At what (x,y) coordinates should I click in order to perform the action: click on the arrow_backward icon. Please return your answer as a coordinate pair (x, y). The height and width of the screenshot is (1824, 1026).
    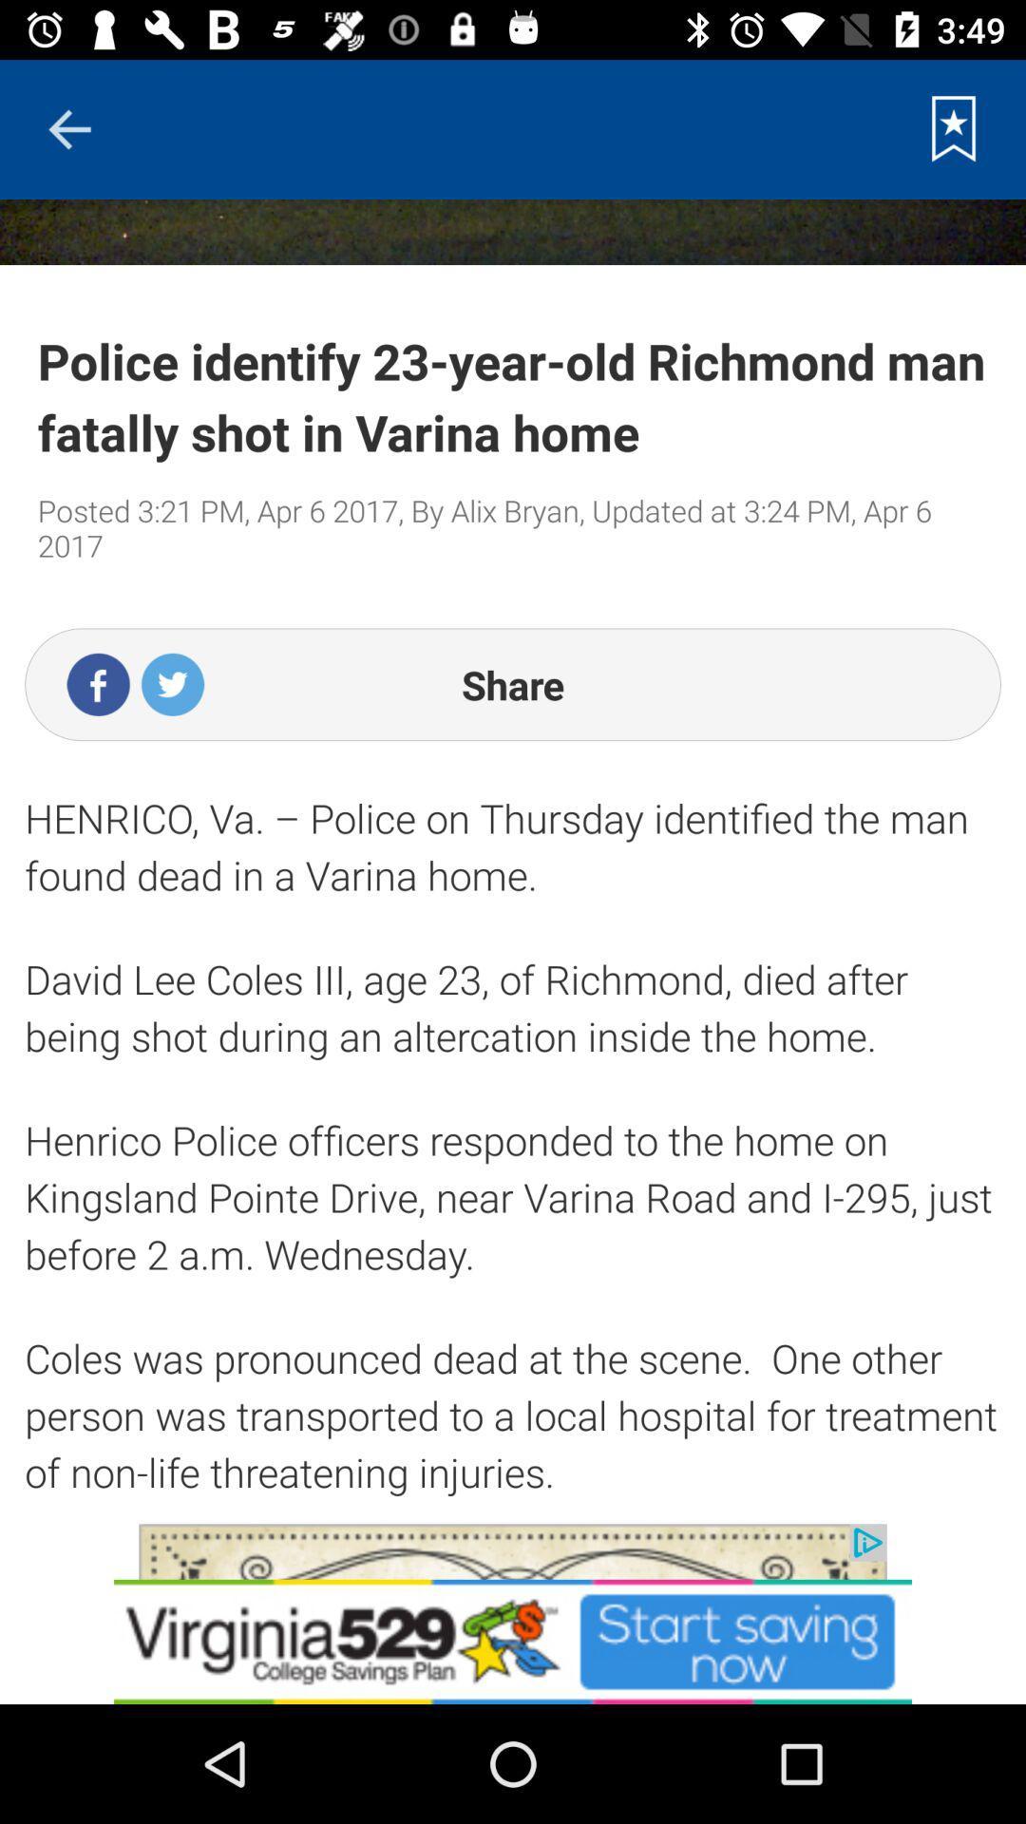
    Looking at the image, I should click on (68, 128).